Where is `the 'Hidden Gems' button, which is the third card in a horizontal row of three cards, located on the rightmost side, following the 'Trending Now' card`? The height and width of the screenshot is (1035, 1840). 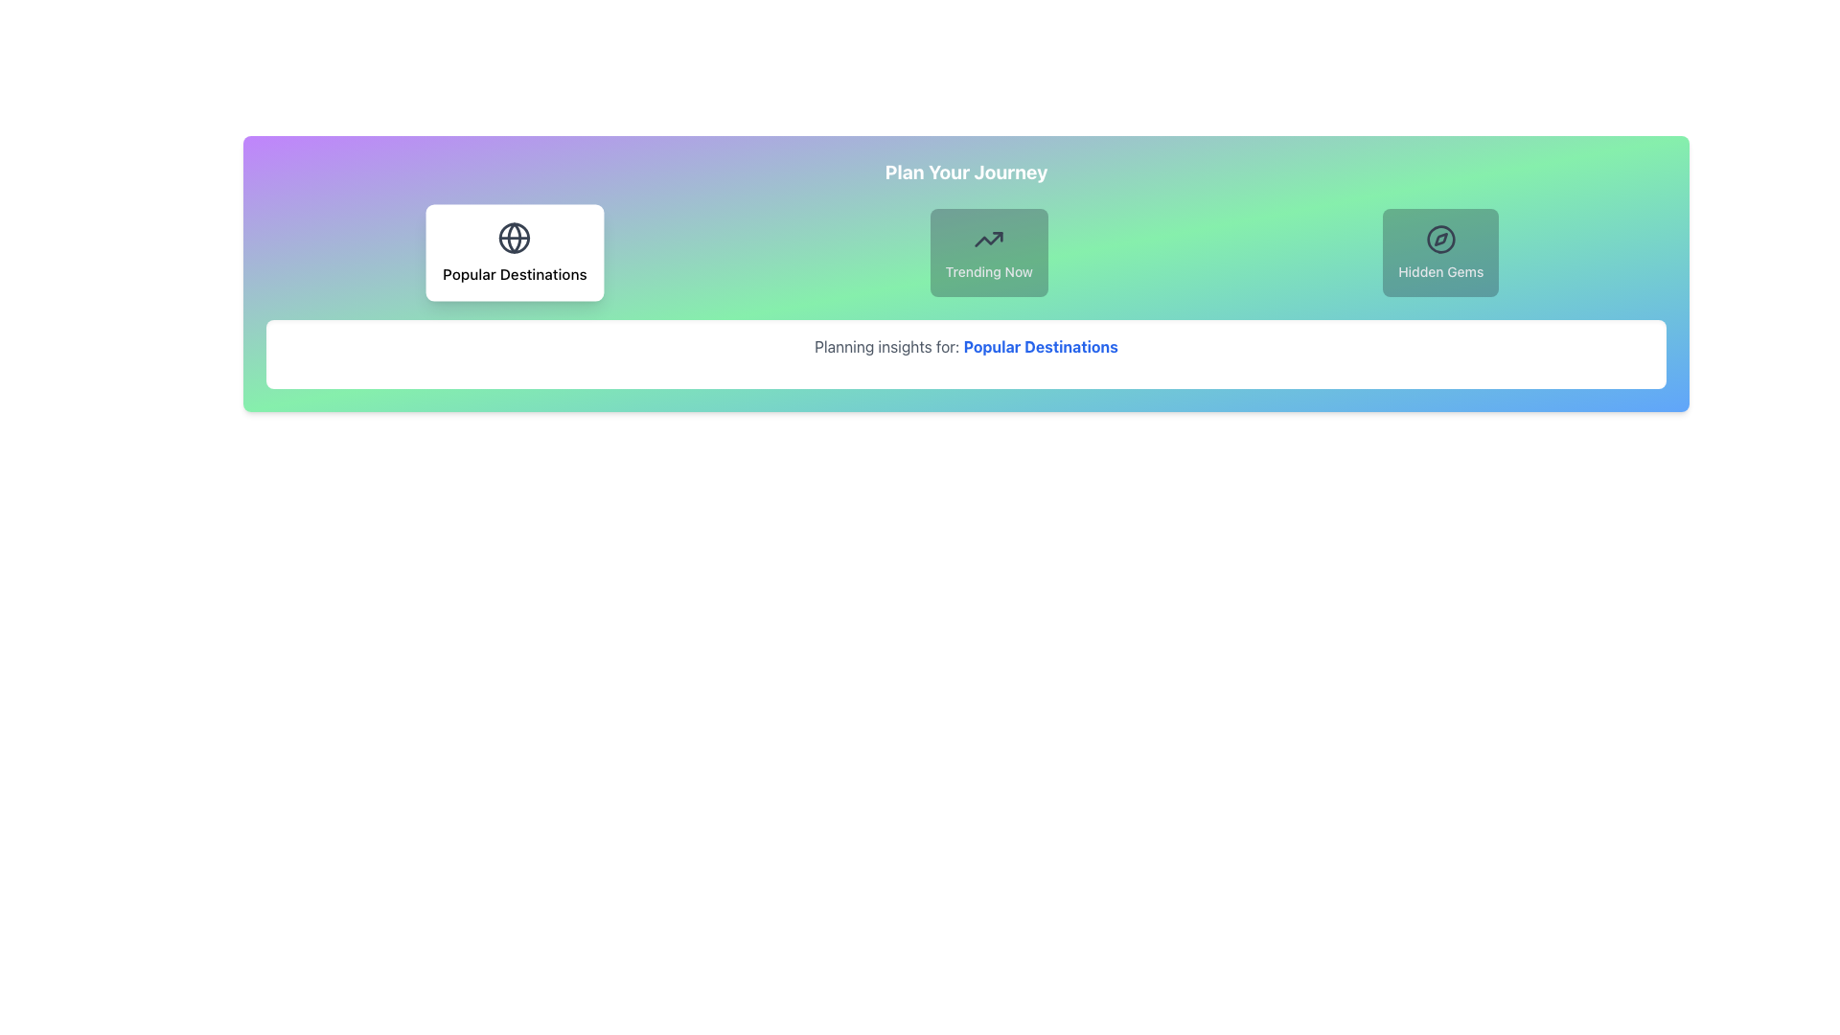
the 'Hidden Gems' button, which is the third card in a horizontal row of three cards, located on the rightmost side, following the 'Trending Now' card is located at coordinates (1440, 251).